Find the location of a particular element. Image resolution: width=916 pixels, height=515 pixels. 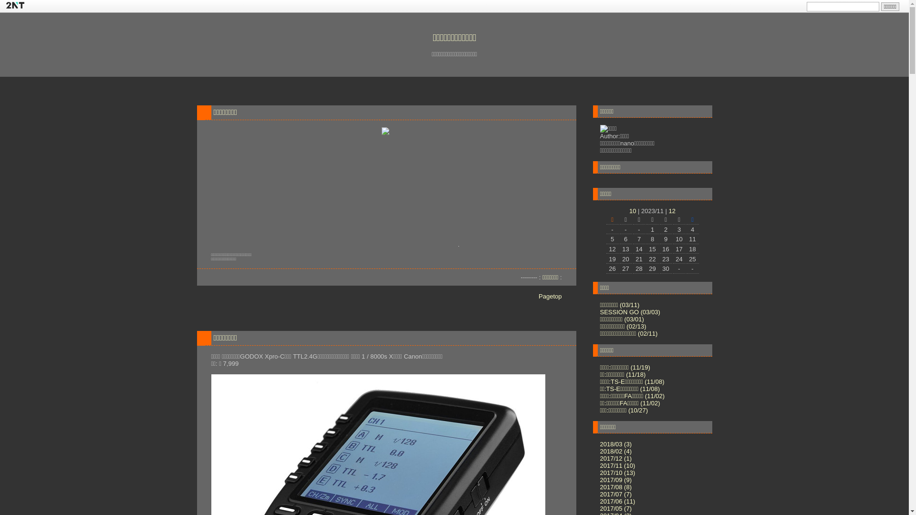

'12' is located at coordinates (672, 210).